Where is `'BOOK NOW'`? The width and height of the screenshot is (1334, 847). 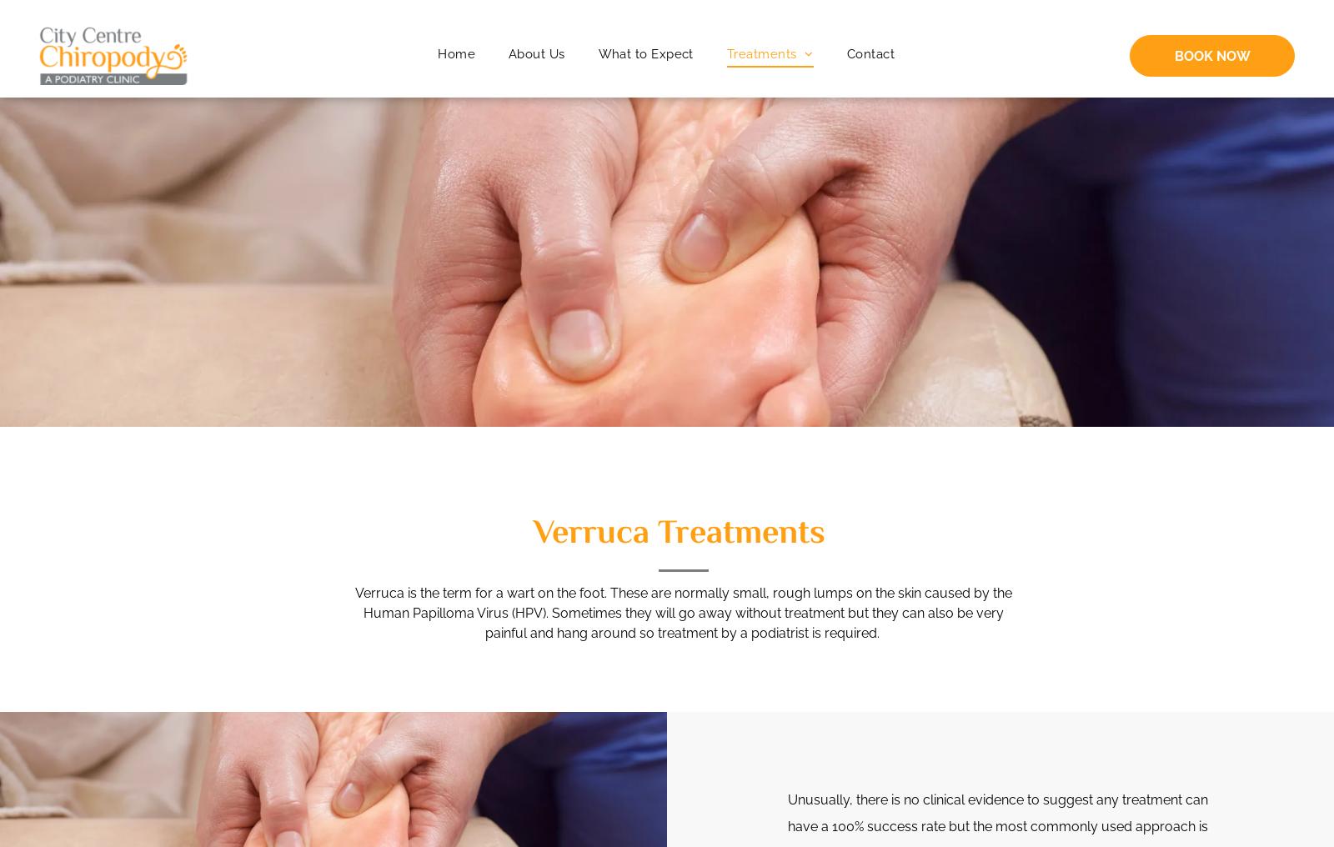
'BOOK NOW' is located at coordinates (1174, 55).